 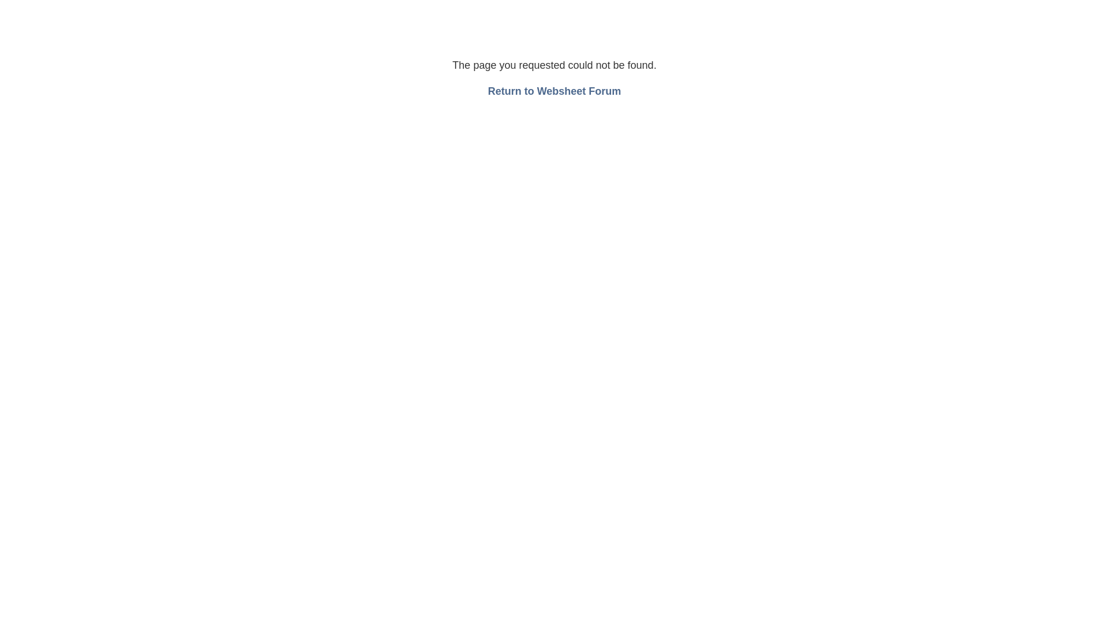 What do you see at coordinates (554, 91) in the screenshot?
I see `'Return to Websheet Forum'` at bounding box center [554, 91].